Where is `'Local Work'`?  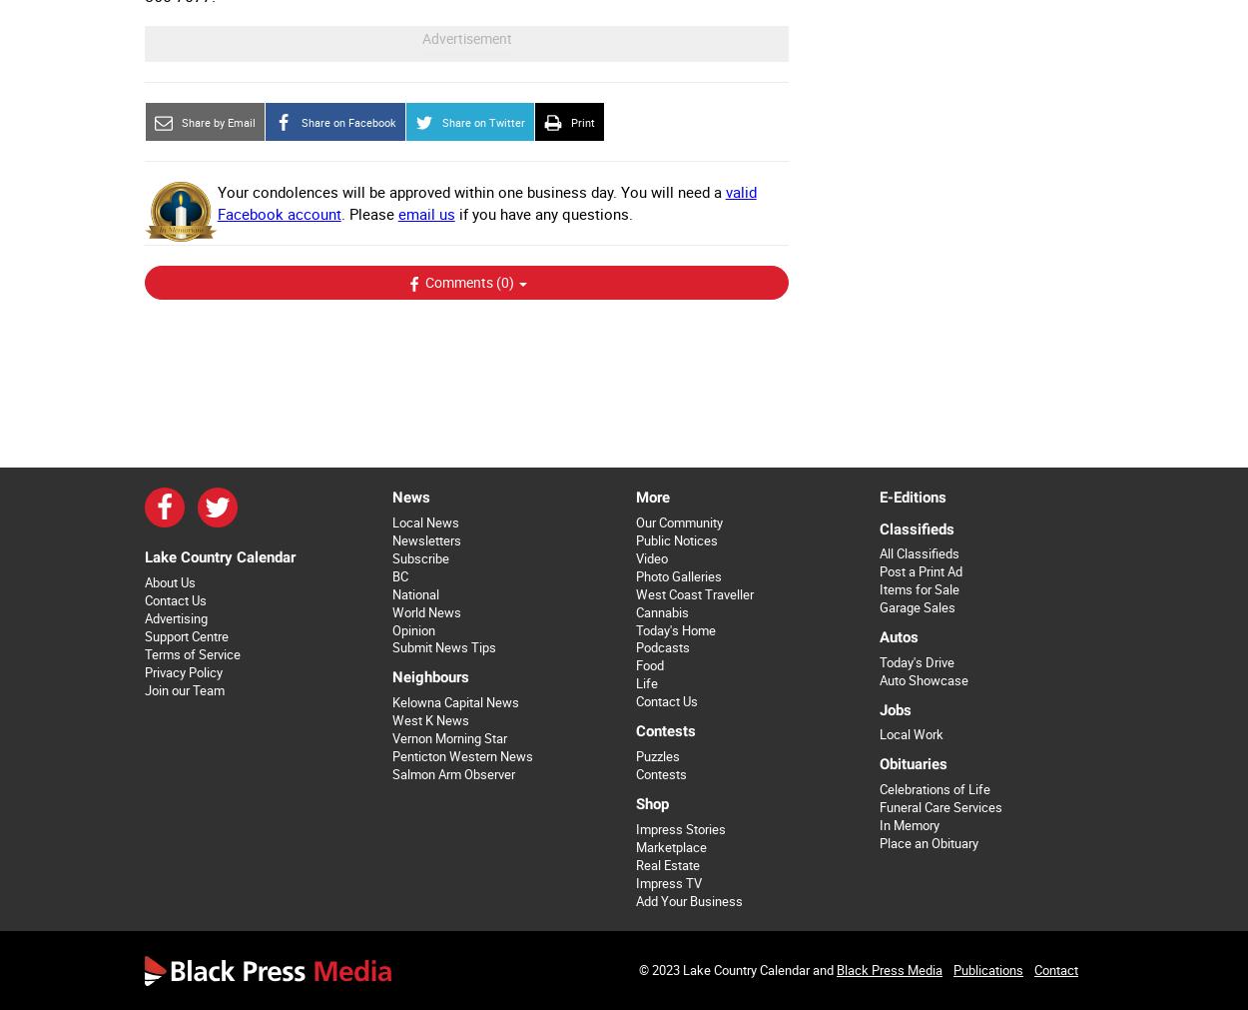
'Local Work' is located at coordinates (879, 733).